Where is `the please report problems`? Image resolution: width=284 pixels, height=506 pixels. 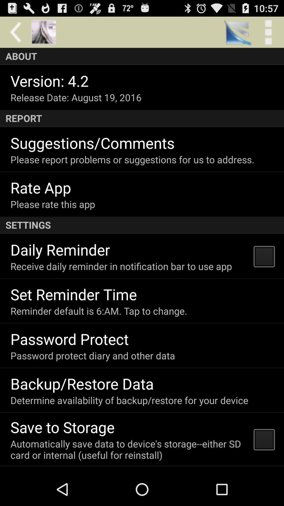
the please report problems is located at coordinates (132, 159).